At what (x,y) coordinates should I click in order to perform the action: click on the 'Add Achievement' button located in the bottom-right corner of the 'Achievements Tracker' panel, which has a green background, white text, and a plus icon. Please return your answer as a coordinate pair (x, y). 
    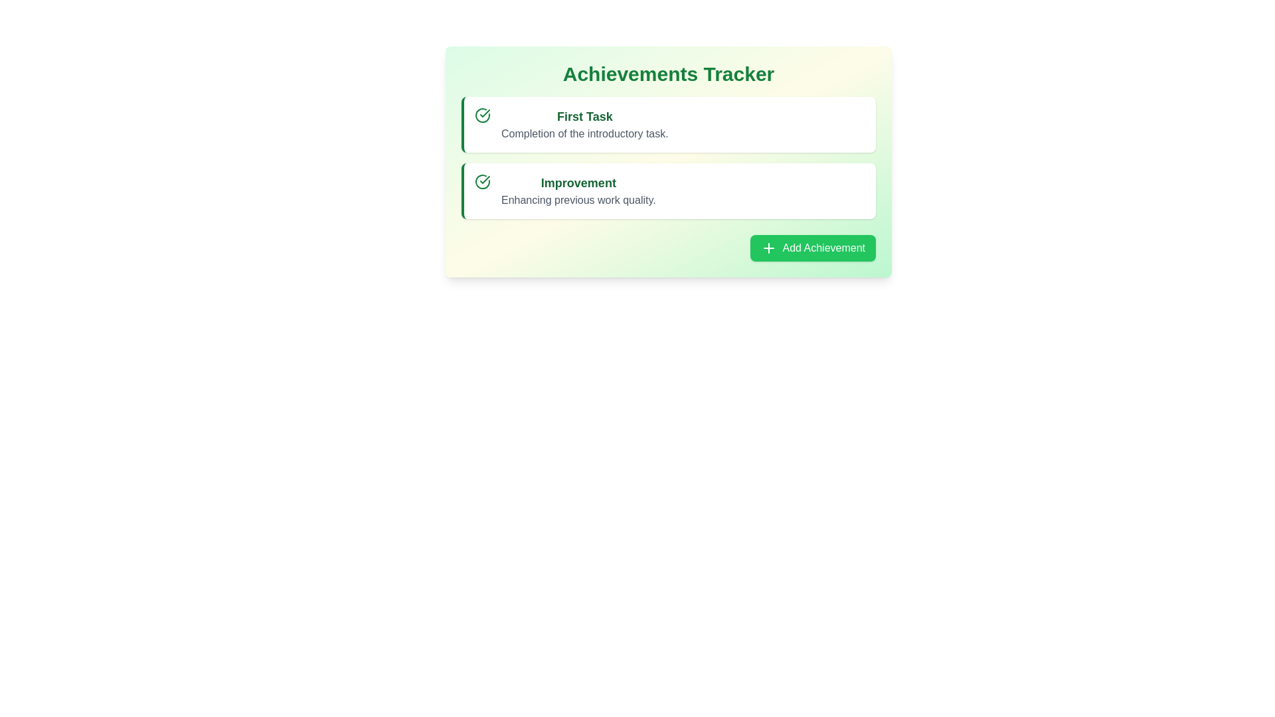
    Looking at the image, I should click on (812, 248).